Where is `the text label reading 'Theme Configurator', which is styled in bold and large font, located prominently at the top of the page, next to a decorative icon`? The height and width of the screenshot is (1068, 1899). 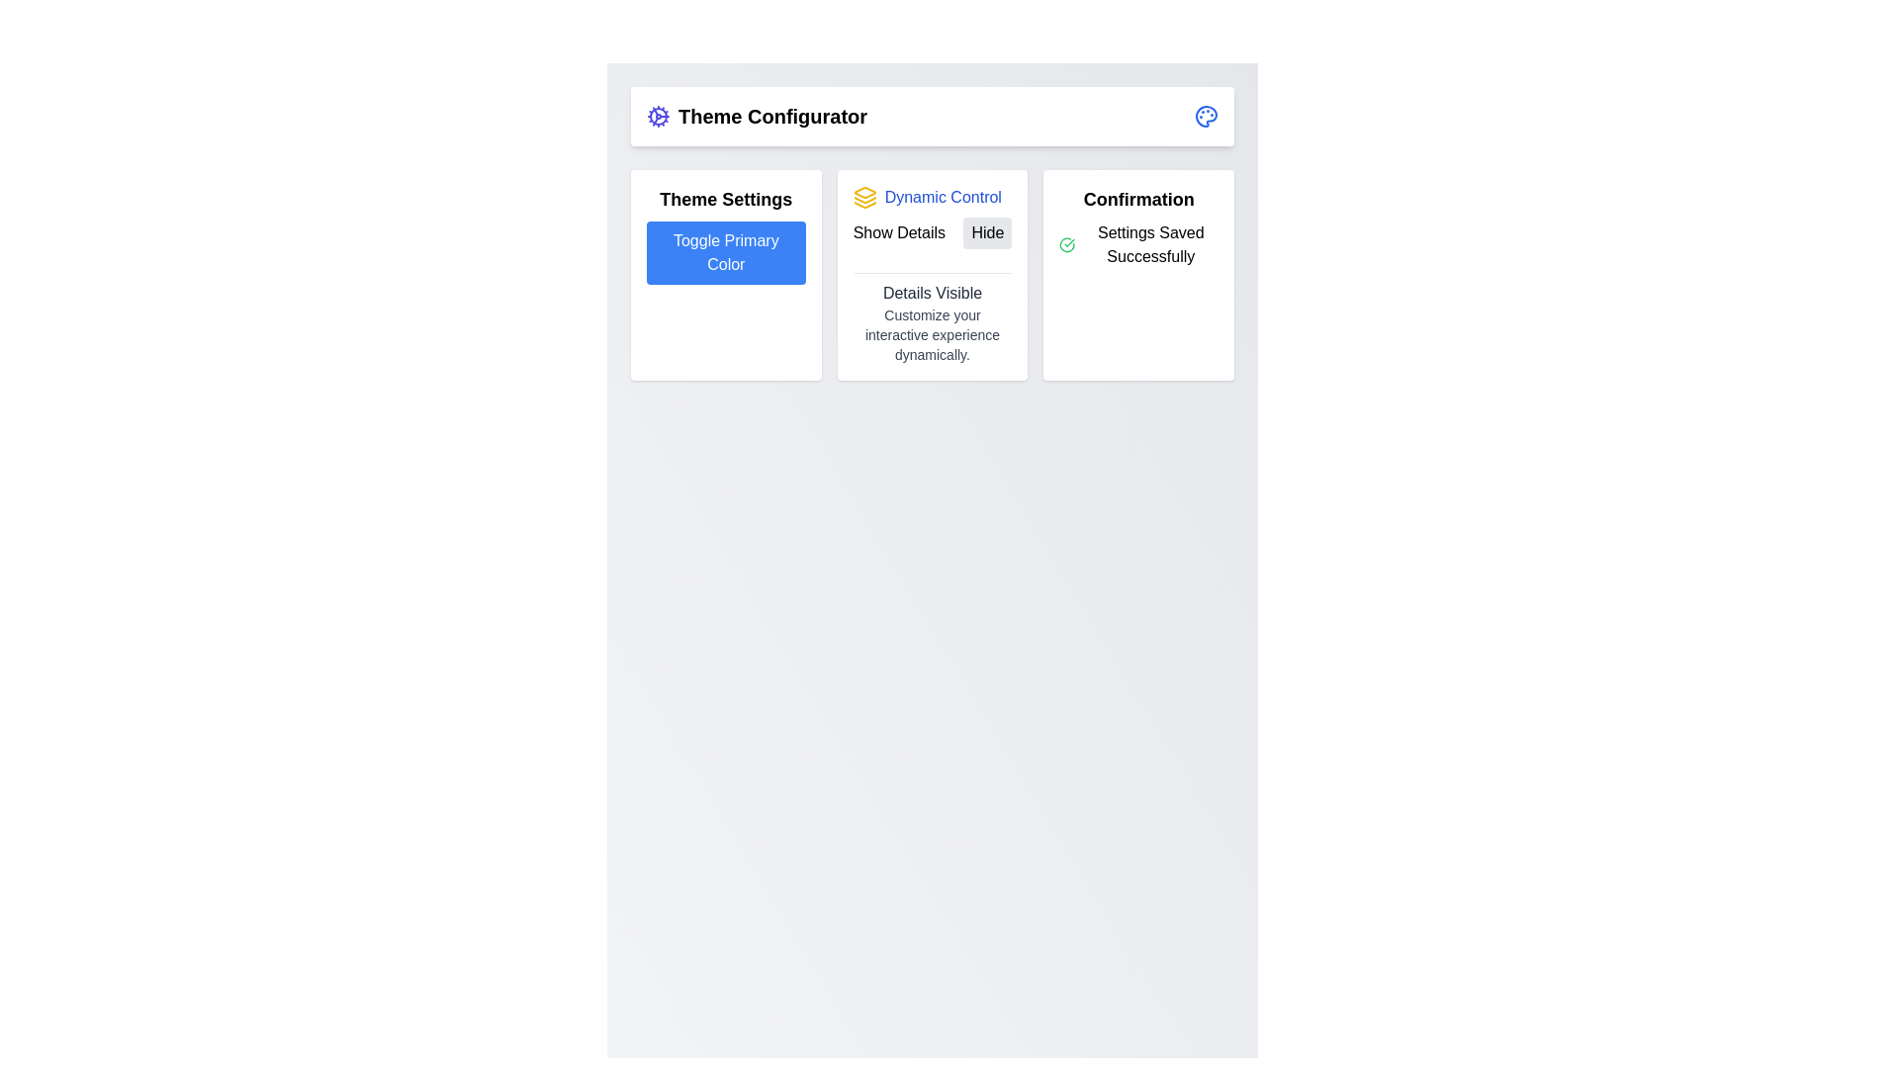 the text label reading 'Theme Configurator', which is styled in bold and large font, located prominently at the top of the page, next to a decorative icon is located at coordinates (771, 117).